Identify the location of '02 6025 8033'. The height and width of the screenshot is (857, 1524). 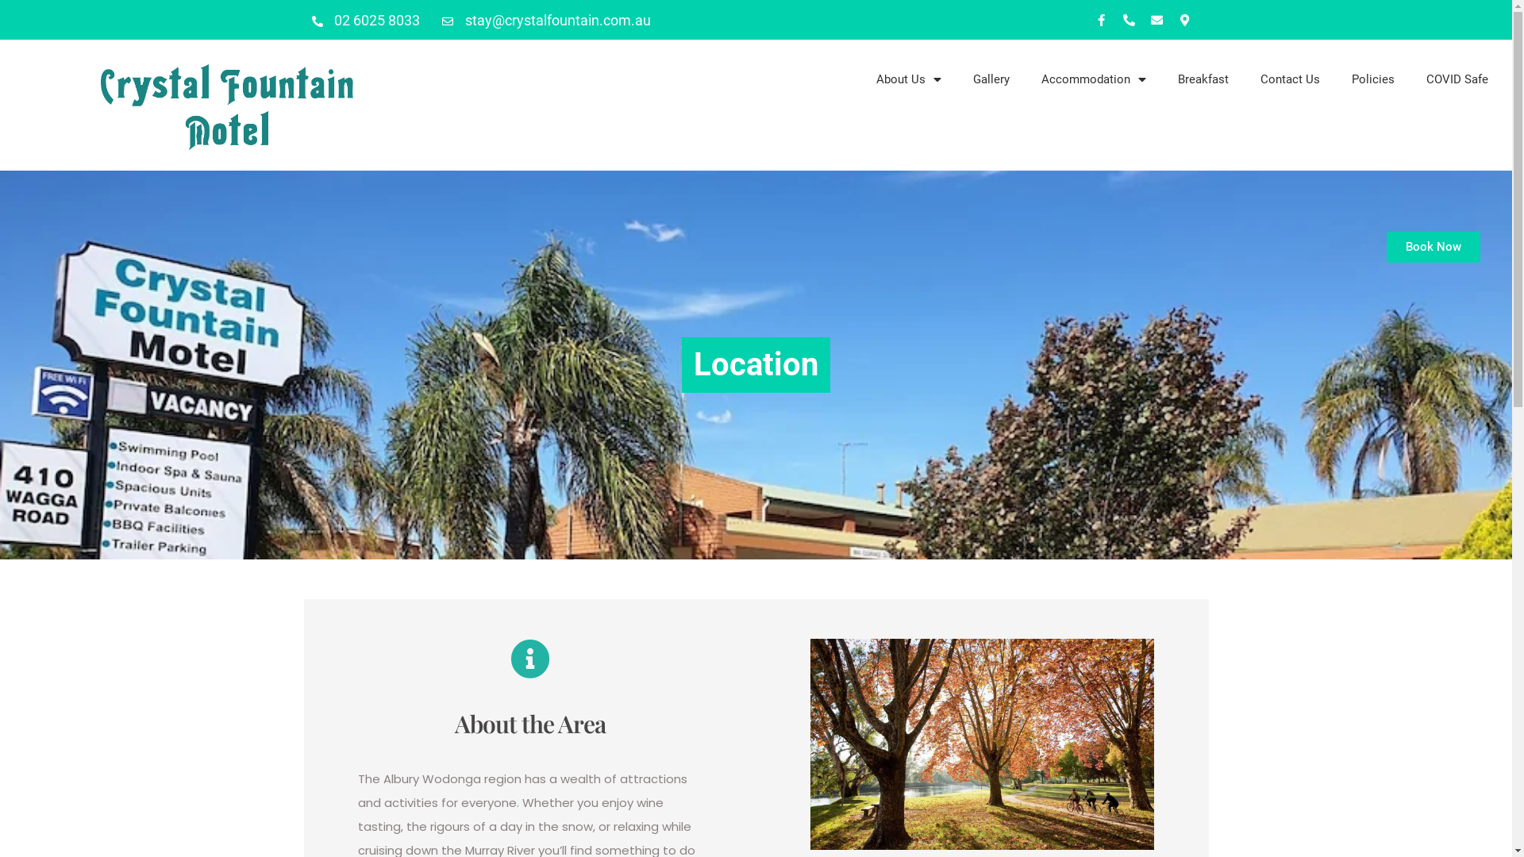
(364, 20).